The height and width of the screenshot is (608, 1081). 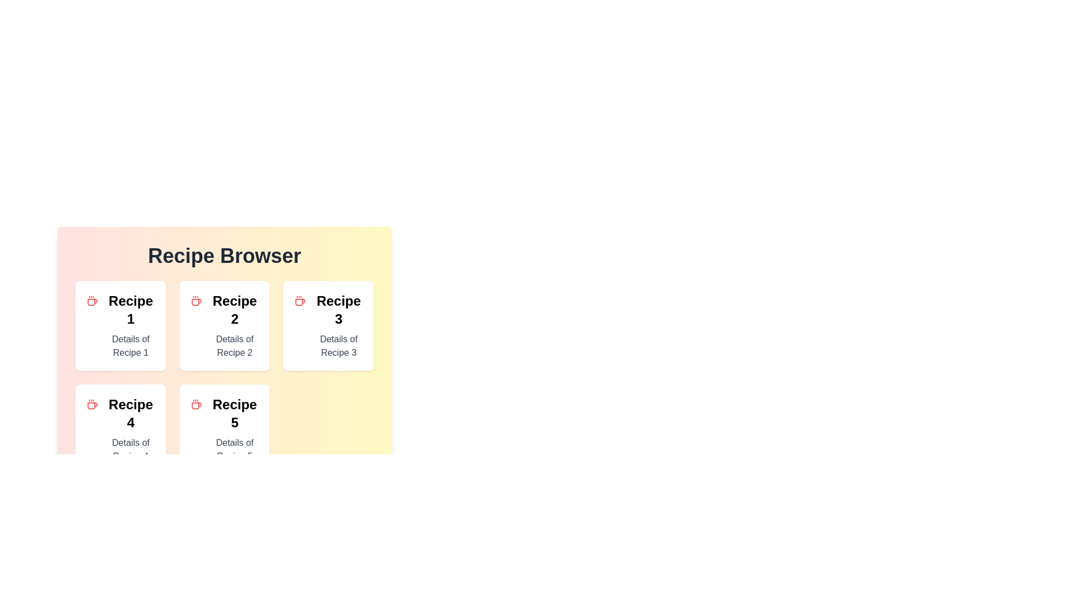 What do you see at coordinates (338, 345) in the screenshot?
I see `the non-interactive text block providing additional details for 'Recipe 3' located below its title within the third card of the Recipe Browser section` at bounding box center [338, 345].